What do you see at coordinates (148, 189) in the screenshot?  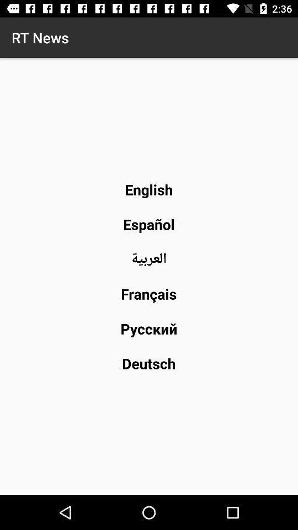 I see `the english` at bounding box center [148, 189].